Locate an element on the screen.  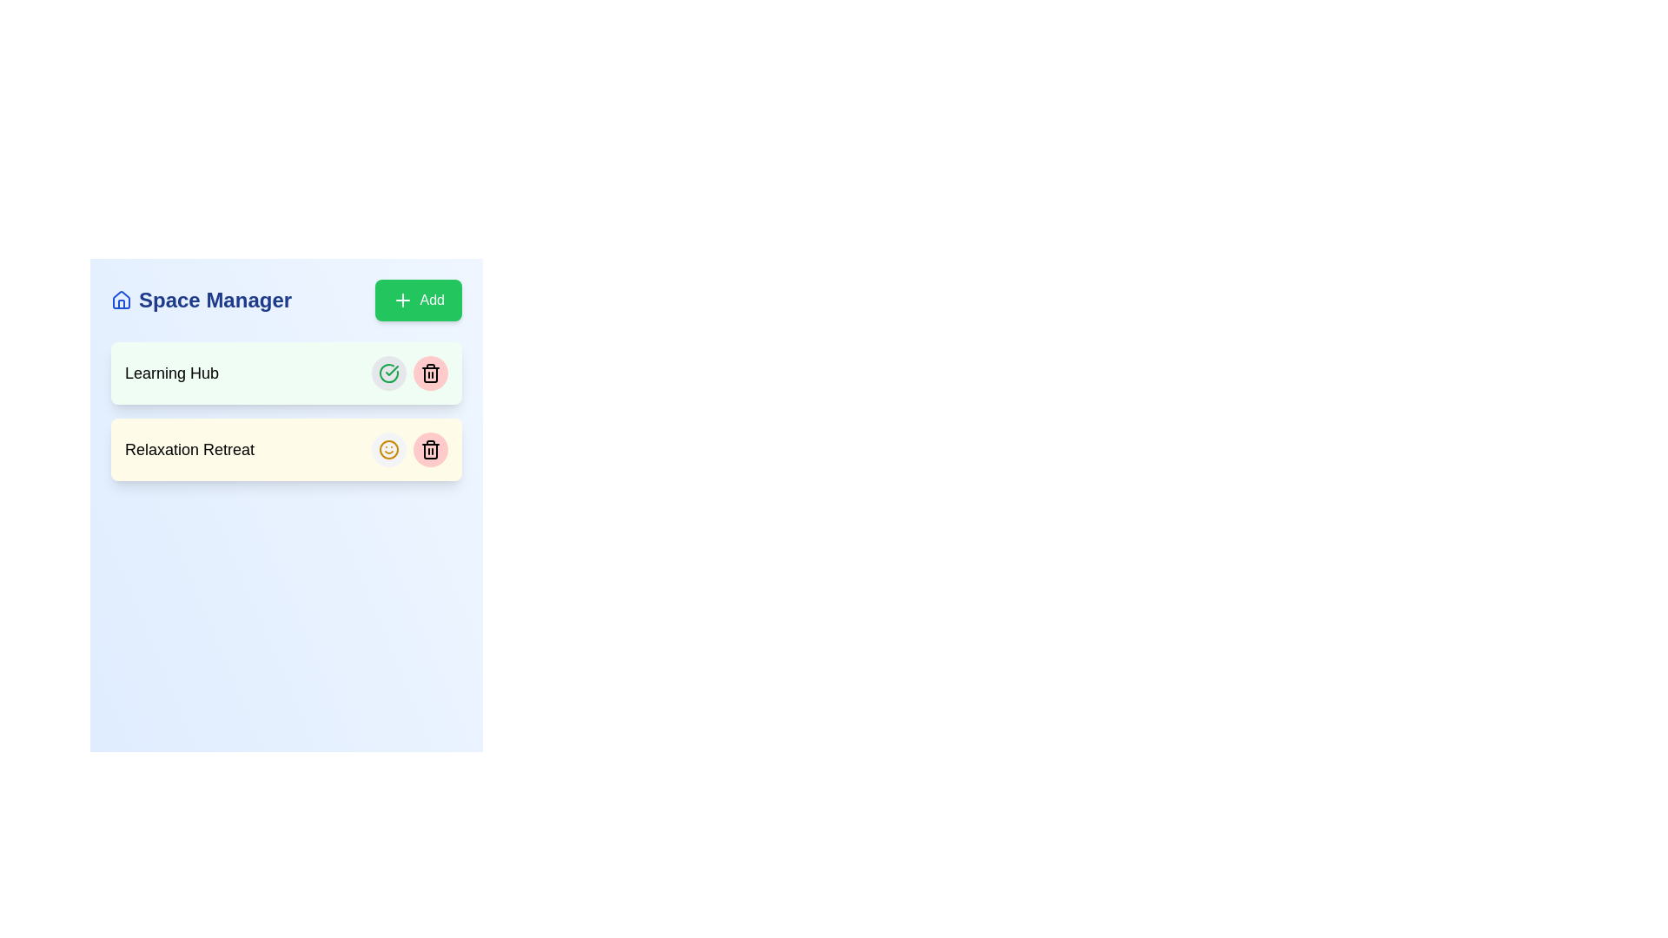
the circular graphical element that forms the boundary of the smiley face, indicating a positive or cheerful state is located at coordinates (387, 448).